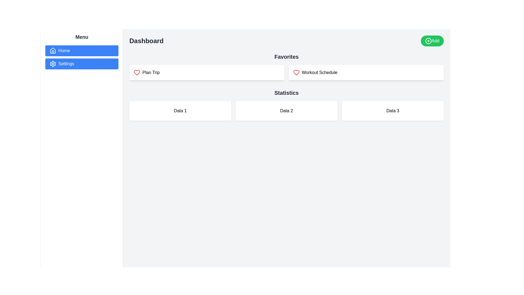 The image size is (524, 295). Describe the element at coordinates (53, 64) in the screenshot. I see `the red gear-shaped icon located next to the 'Settings' label in the left navigation menu using keyboard navigation` at that location.